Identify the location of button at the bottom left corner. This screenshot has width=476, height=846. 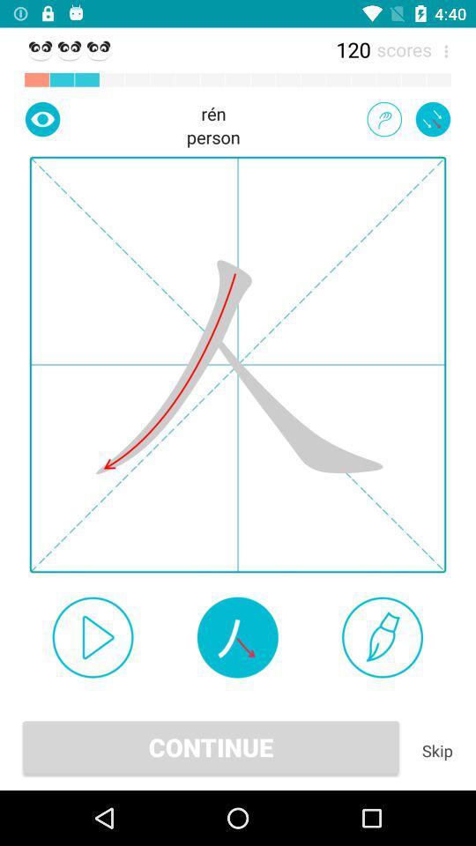
(93, 636).